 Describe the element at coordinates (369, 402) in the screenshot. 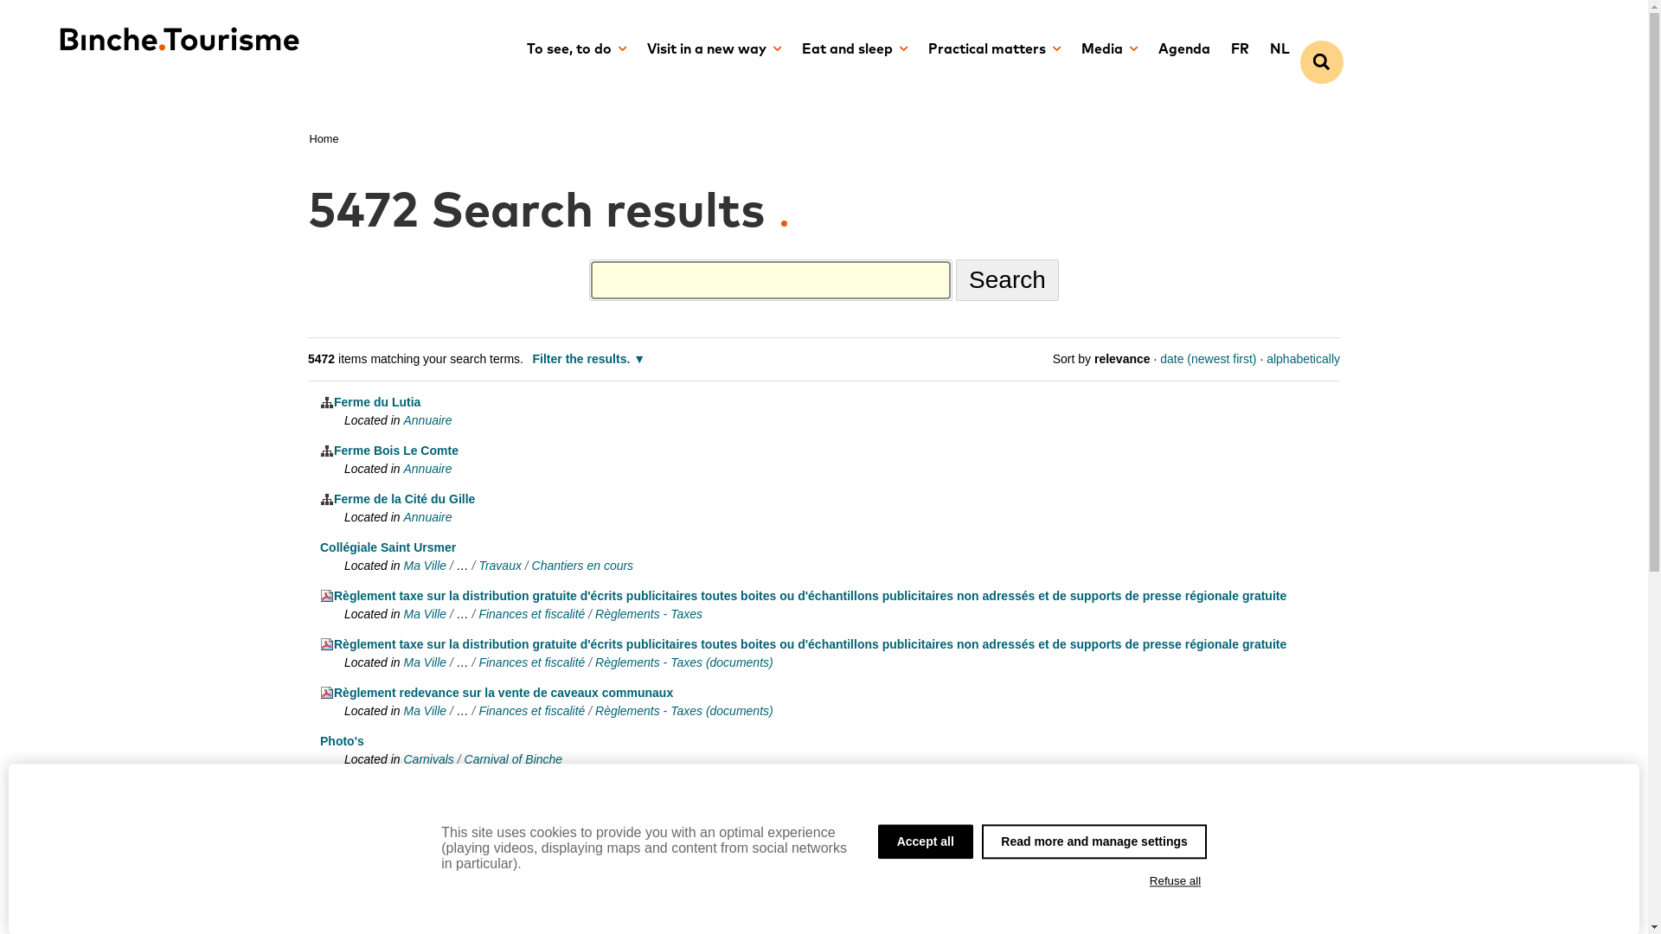

I see `'Ferme du Lutia'` at that location.